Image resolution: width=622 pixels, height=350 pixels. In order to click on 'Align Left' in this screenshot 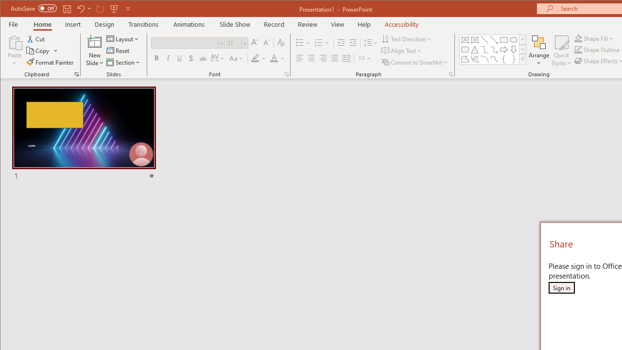, I will do `click(299, 58)`.